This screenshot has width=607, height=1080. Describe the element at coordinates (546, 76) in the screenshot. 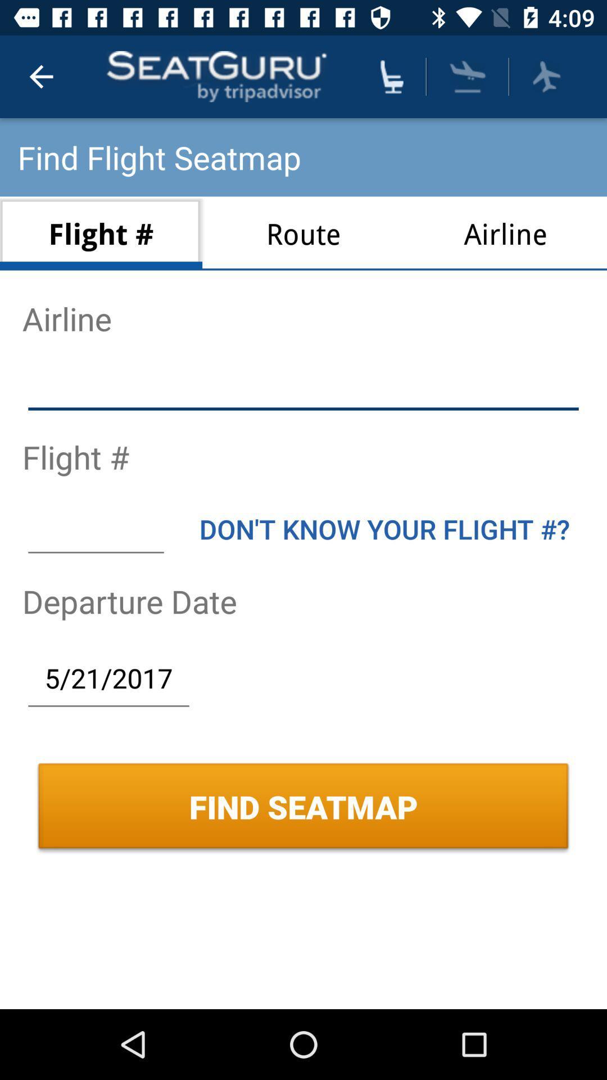

I see `pick airline` at that location.